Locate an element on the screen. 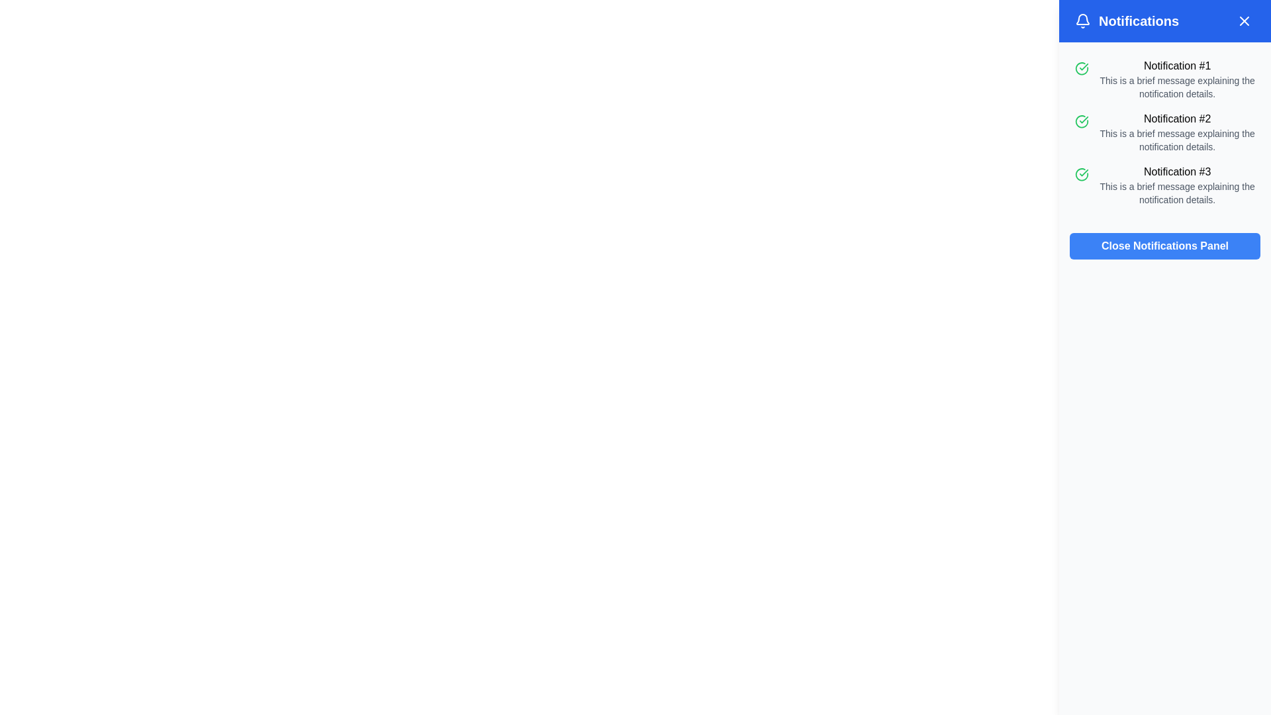 This screenshot has width=1271, height=715. the static text element that displays 'Notification #3', which is the title of the third notification in the right-side panel of the interface is located at coordinates (1177, 171).